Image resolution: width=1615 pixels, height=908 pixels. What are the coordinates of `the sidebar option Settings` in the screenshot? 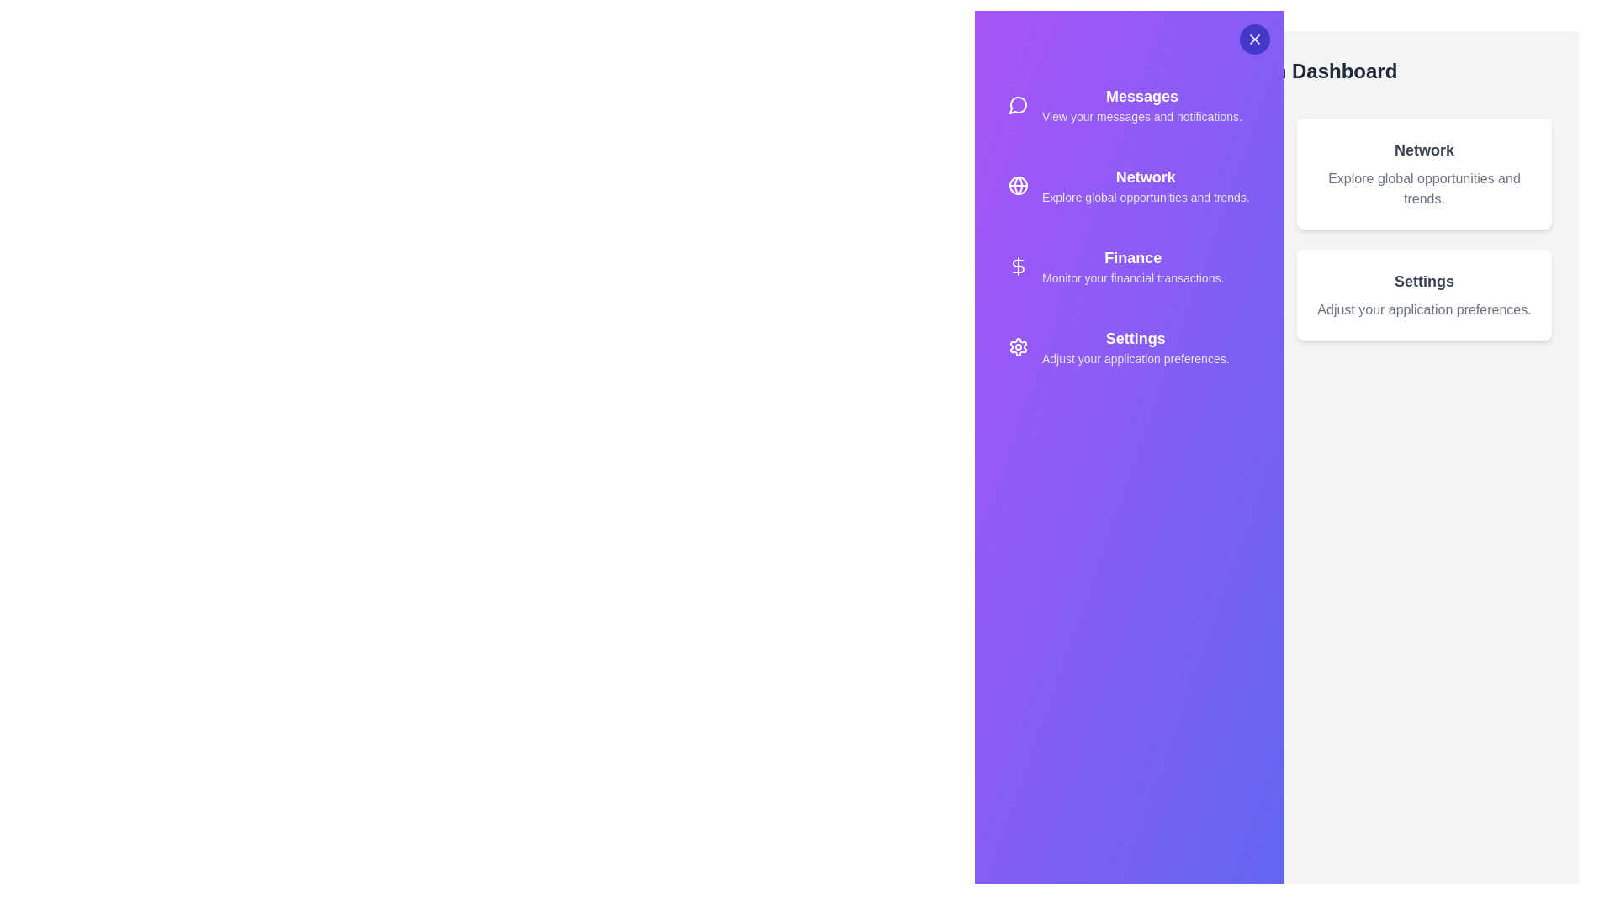 It's located at (1129, 346).